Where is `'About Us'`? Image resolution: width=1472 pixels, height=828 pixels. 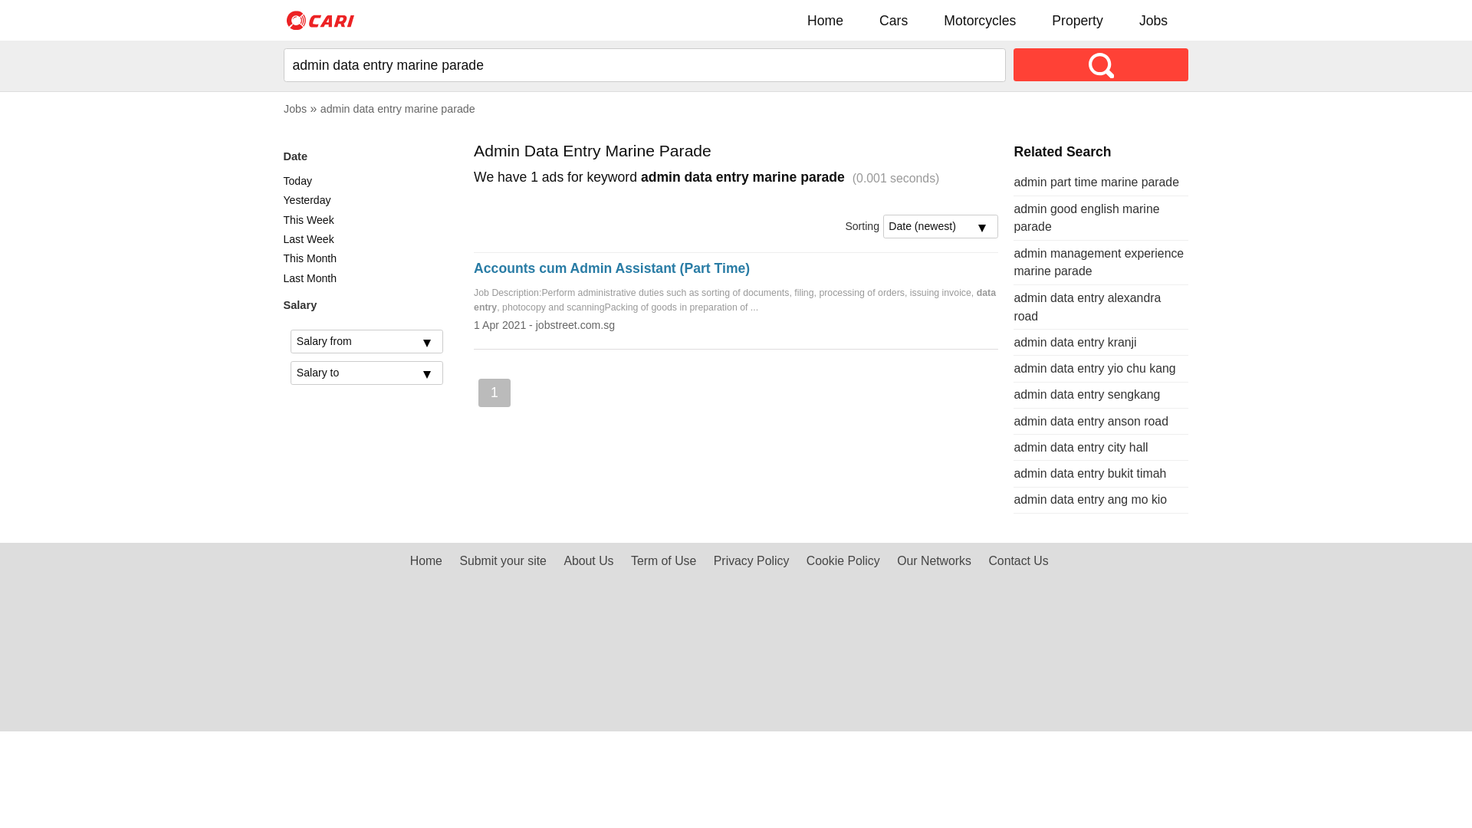 'About Us' is located at coordinates (587, 560).